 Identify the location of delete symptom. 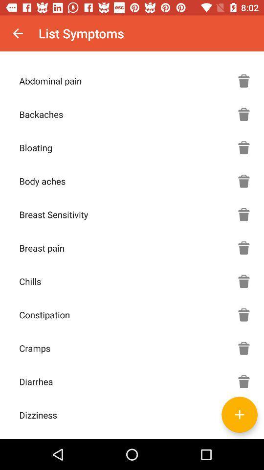
(243, 80).